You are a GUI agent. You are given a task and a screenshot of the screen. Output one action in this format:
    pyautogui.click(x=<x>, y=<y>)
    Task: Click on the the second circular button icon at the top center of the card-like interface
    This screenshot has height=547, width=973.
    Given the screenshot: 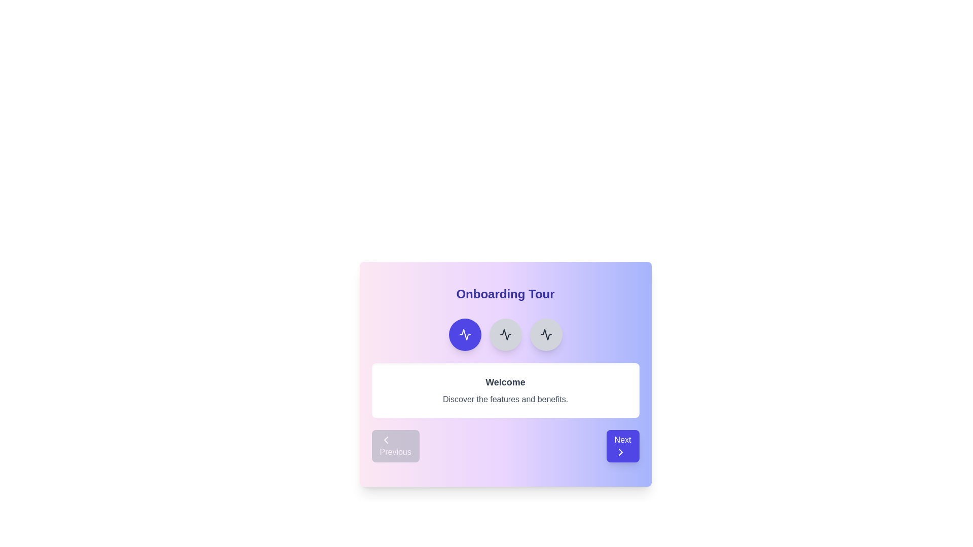 What is the action you would take?
    pyautogui.click(x=464, y=334)
    